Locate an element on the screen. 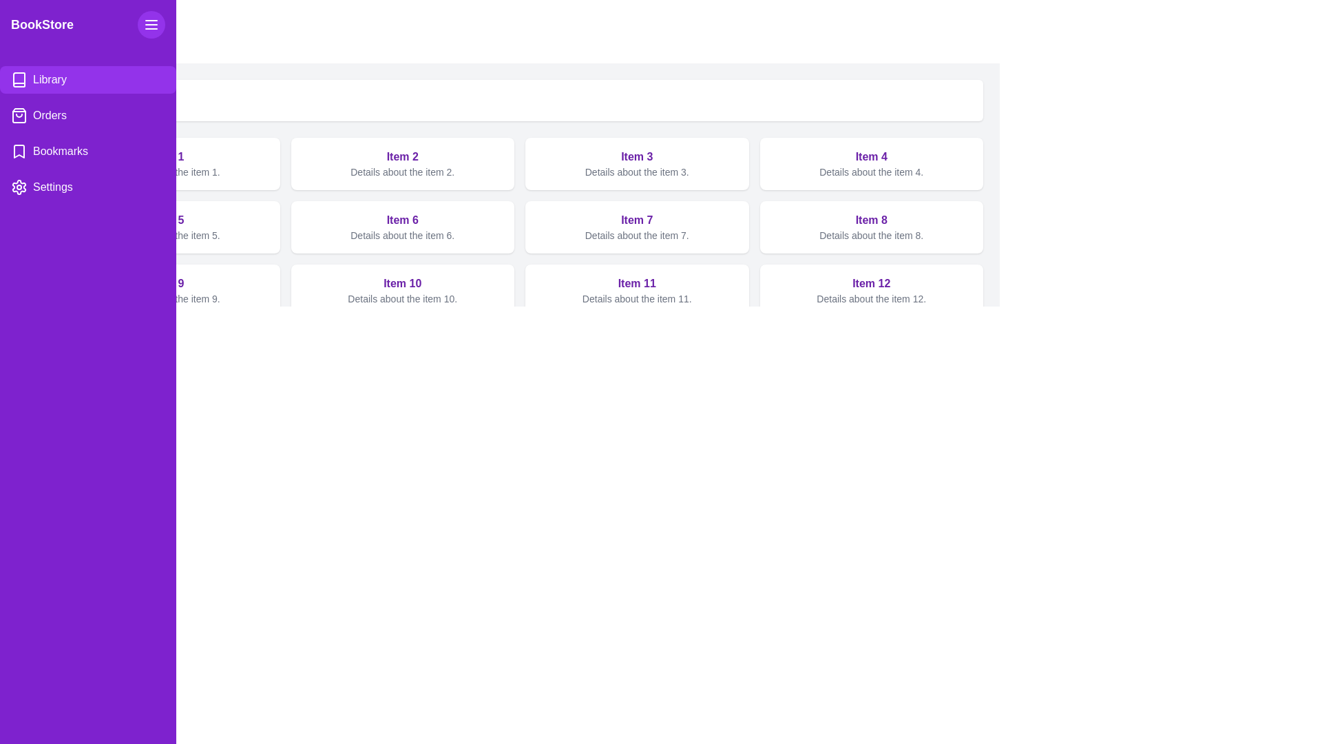 Image resolution: width=1322 pixels, height=744 pixels. the open book icon located next to the 'Library' text in the navigation panel is located at coordinates (19, 79).